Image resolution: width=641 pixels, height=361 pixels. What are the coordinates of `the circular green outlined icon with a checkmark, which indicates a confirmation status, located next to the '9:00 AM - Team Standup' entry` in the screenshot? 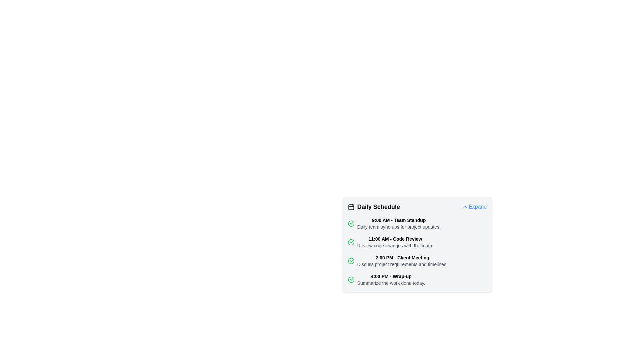 It's located at (351, 223).